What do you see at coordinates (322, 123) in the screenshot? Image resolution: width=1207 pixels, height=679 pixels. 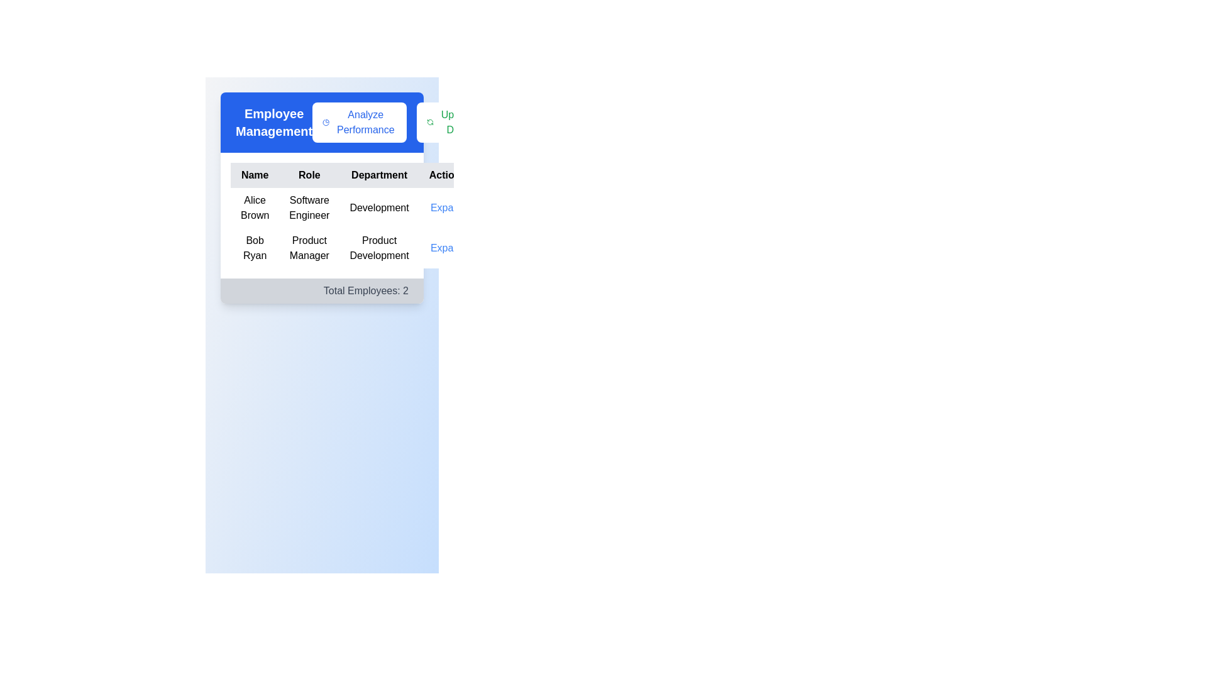 I see `the interactive buttons of the Header section in the employee management interface for keyboard navigation` at bounding box center [322, 123].